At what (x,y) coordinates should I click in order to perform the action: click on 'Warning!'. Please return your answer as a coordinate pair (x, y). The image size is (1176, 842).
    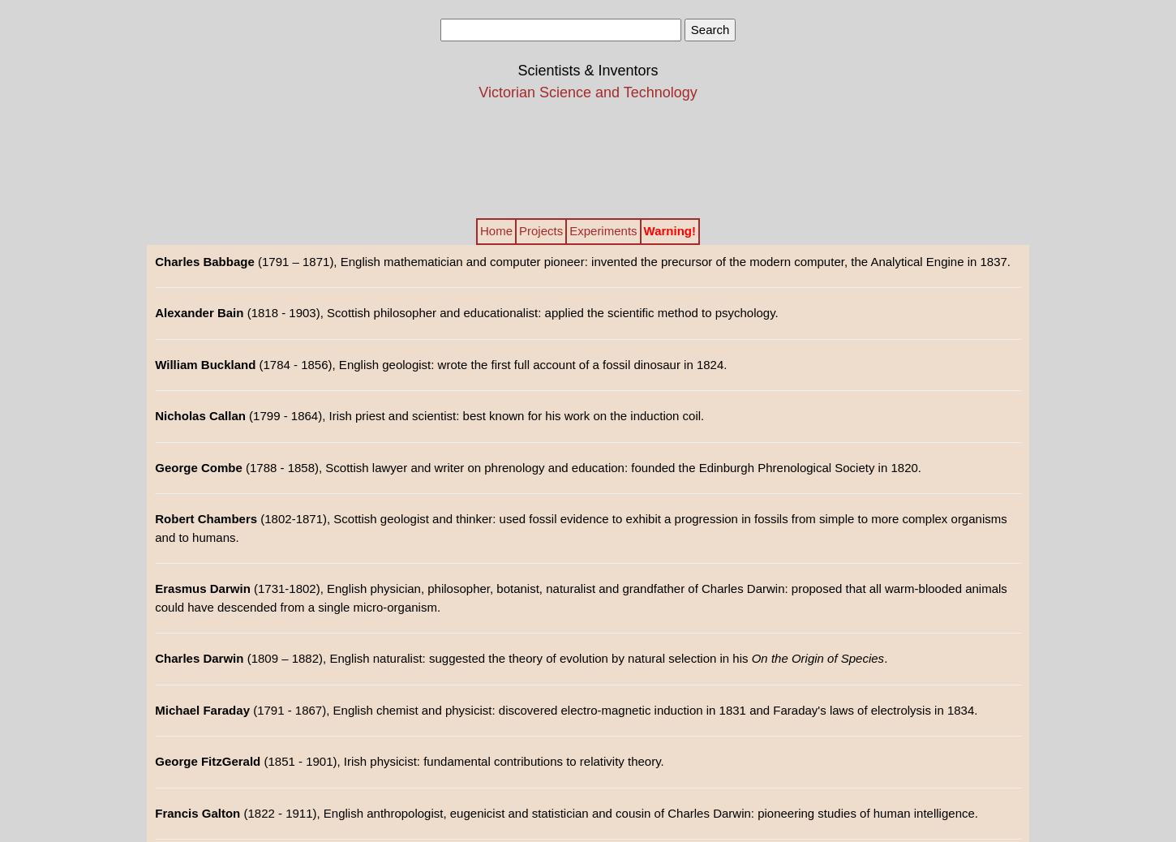
    Looking at the image, I should click on (669, 230).